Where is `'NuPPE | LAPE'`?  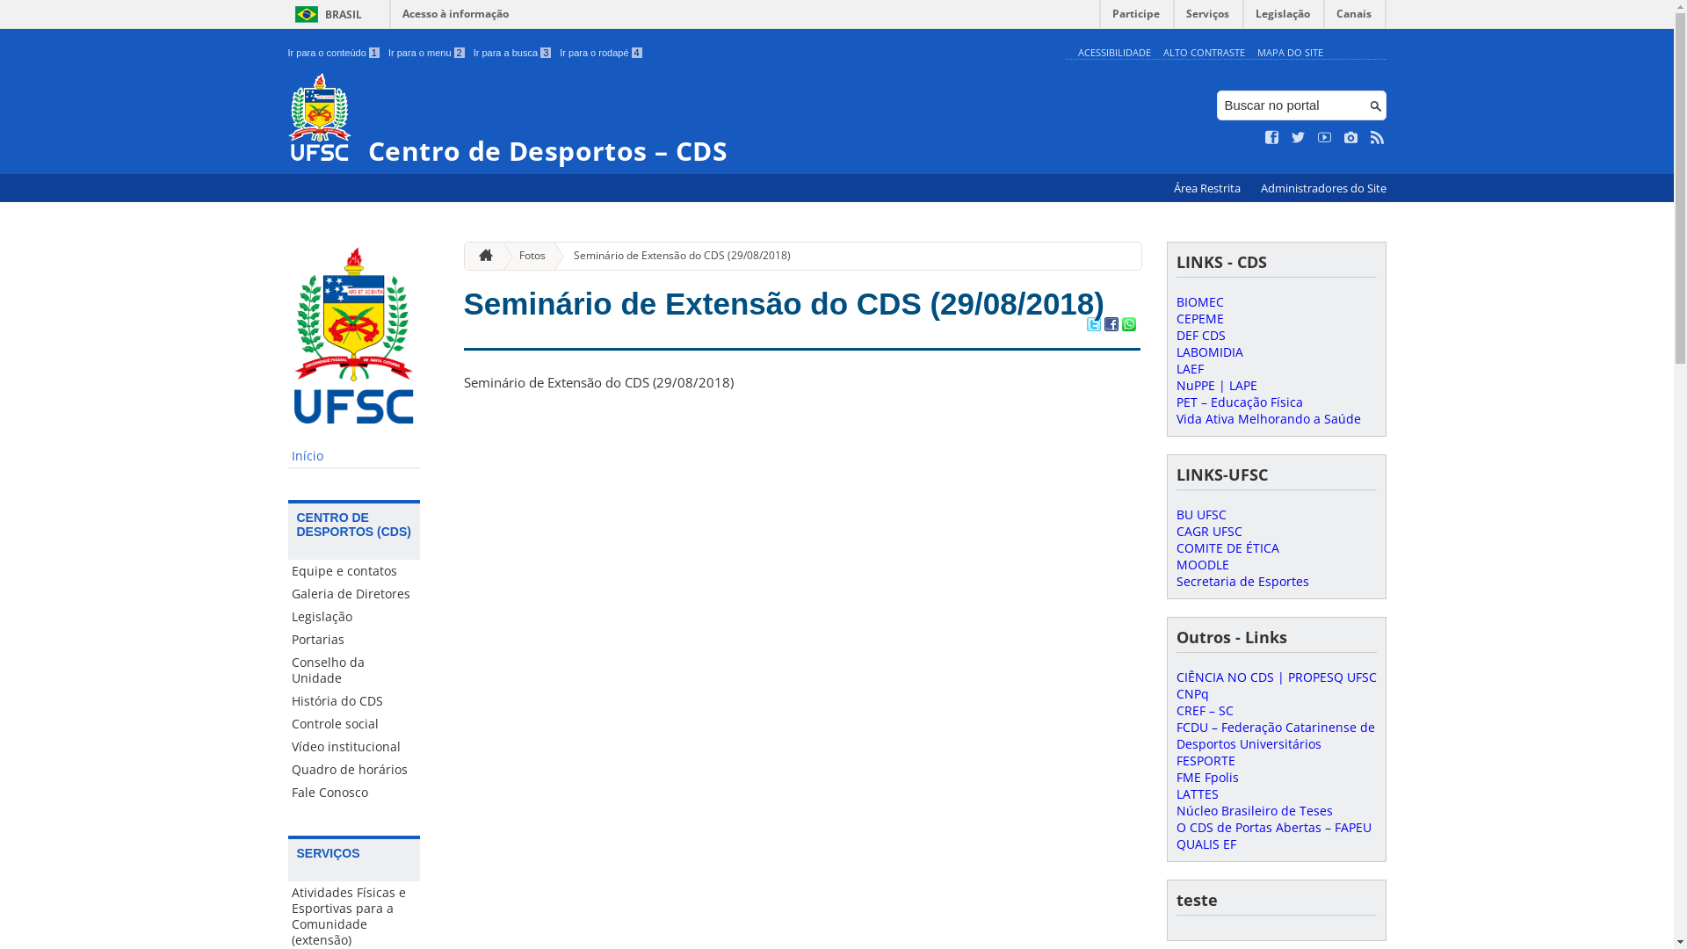 'NuPPE | LAPE' is located at coordinates (1214, 384).